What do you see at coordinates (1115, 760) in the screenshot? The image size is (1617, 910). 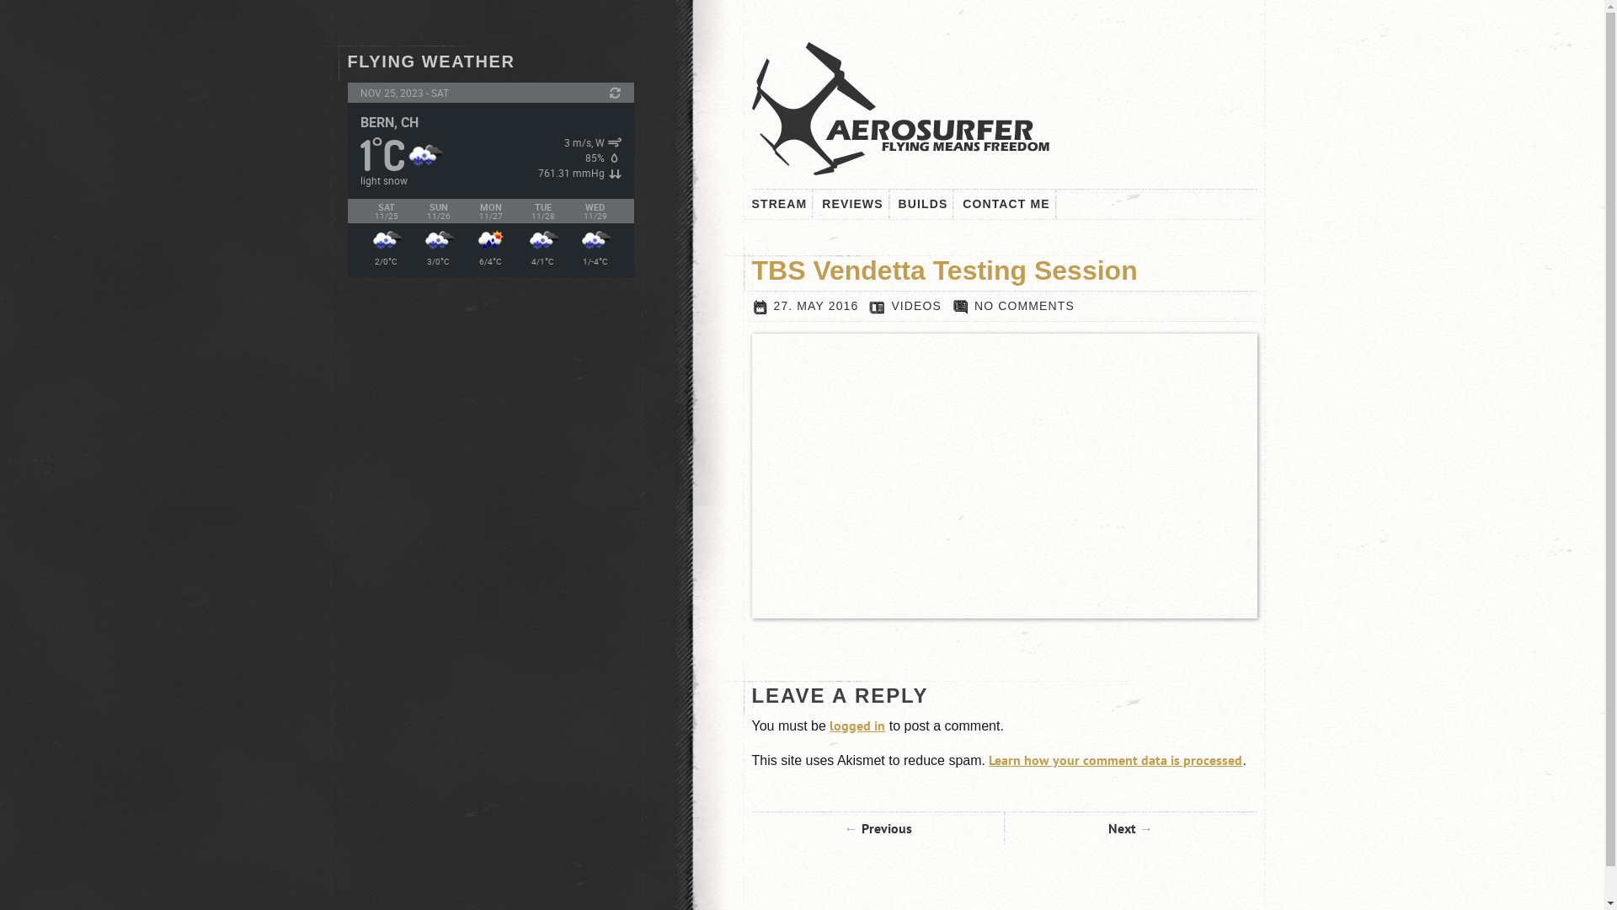 I see `'Learn how your comment data is processed'` at bounding box center [1115, 760].